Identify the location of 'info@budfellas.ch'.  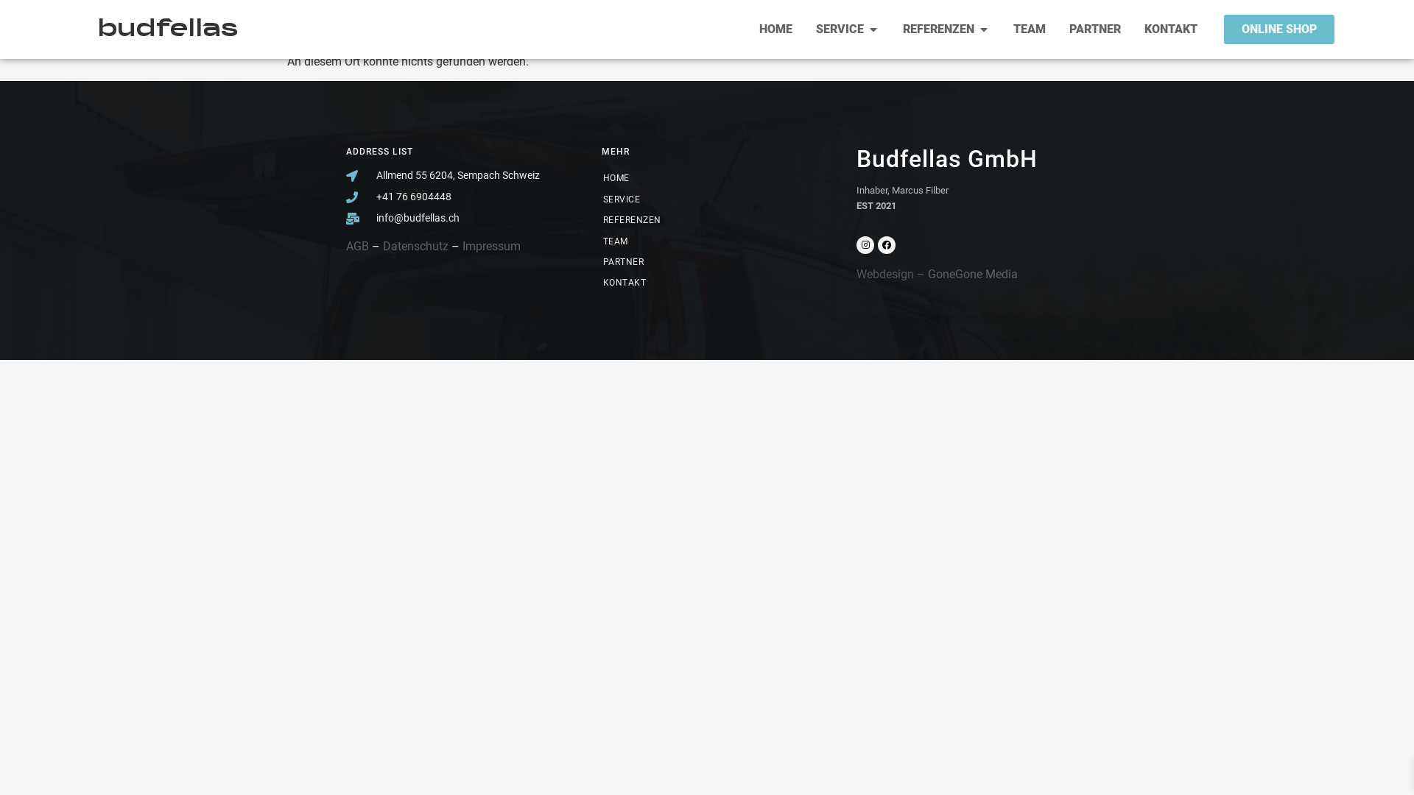
(451, 218).